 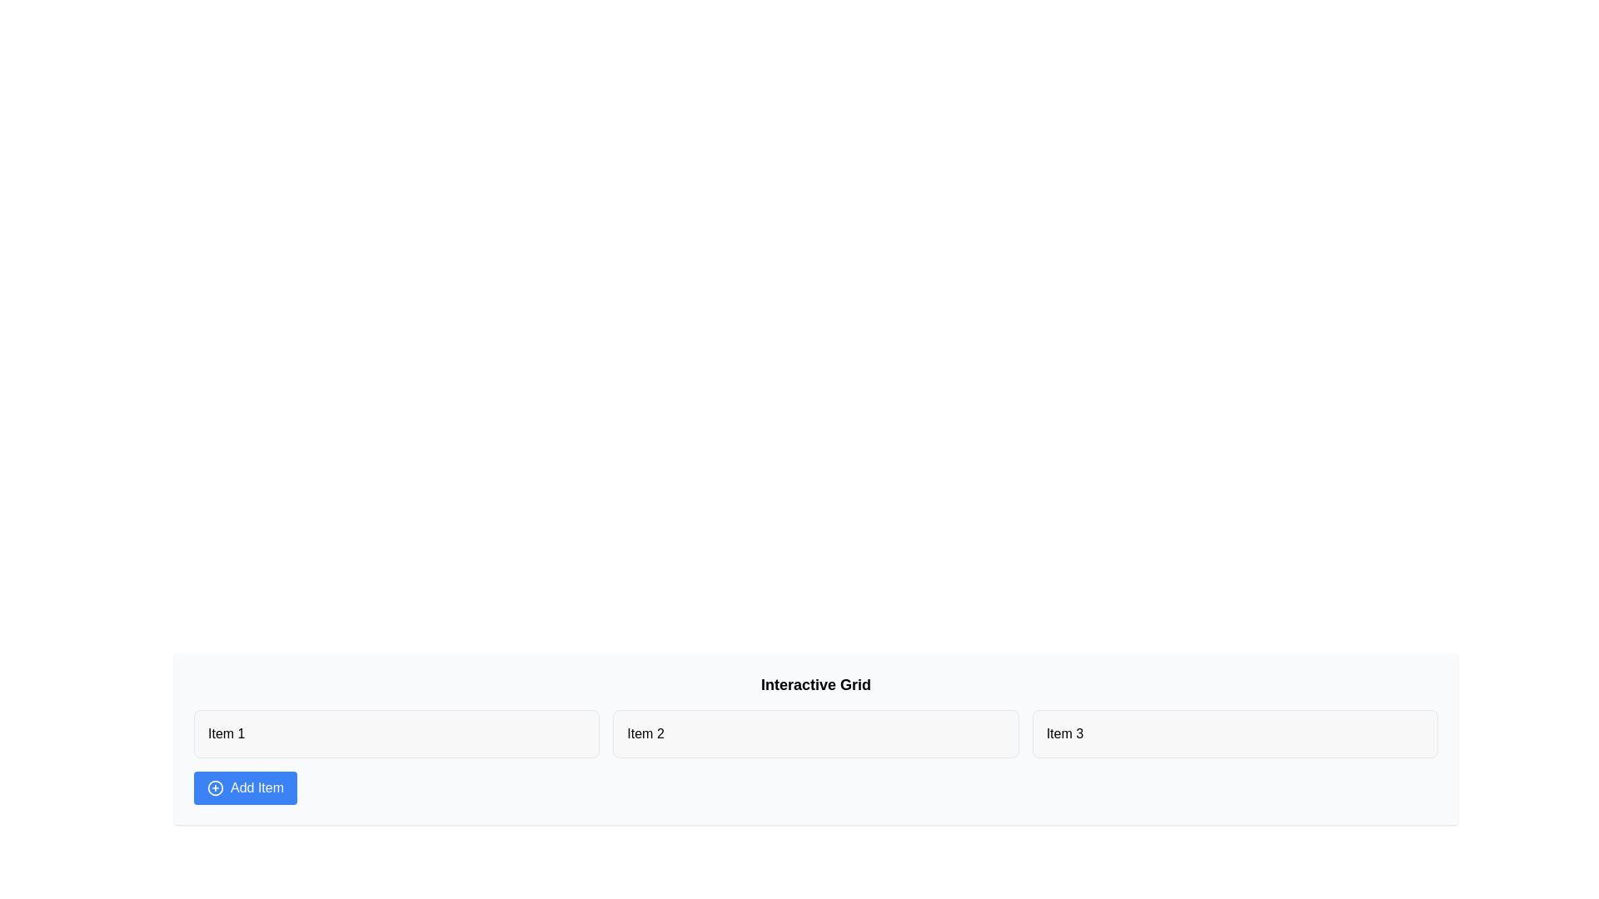 I want to click on the text of Item 2 and copy it to the clipboard, so click(x=815, y=733).